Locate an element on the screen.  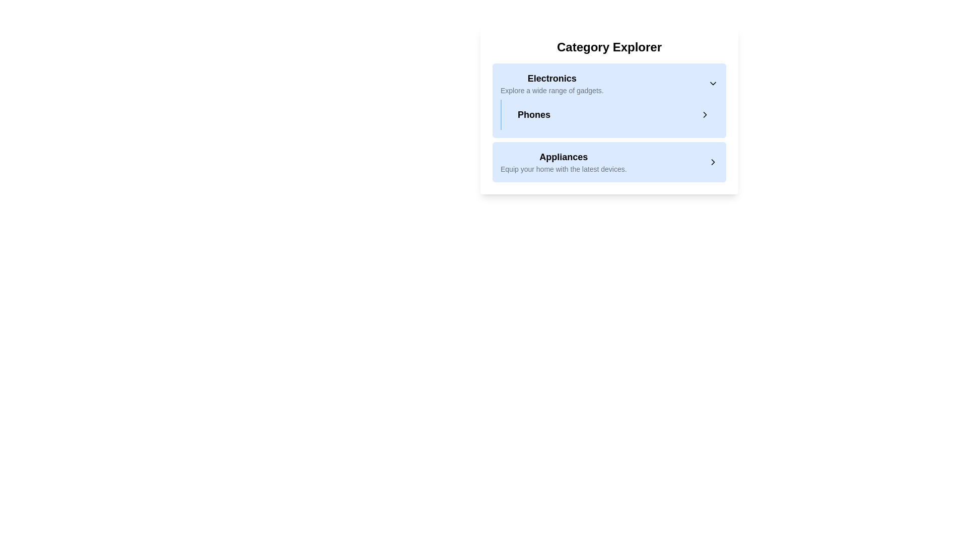
the clickable list item labeled 'Appliances' which contains the heading 'Appliances' and the description 'Equip your home with the latest devices.' is located at coordinates (608, 161).